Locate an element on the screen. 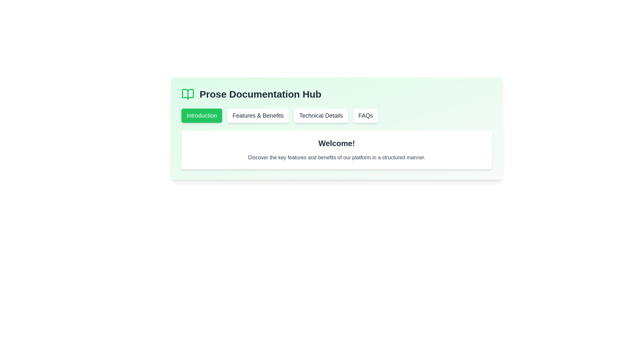  the highlighted button 'Introduction' in the Navigation bar is located at coordinates (336, 115).